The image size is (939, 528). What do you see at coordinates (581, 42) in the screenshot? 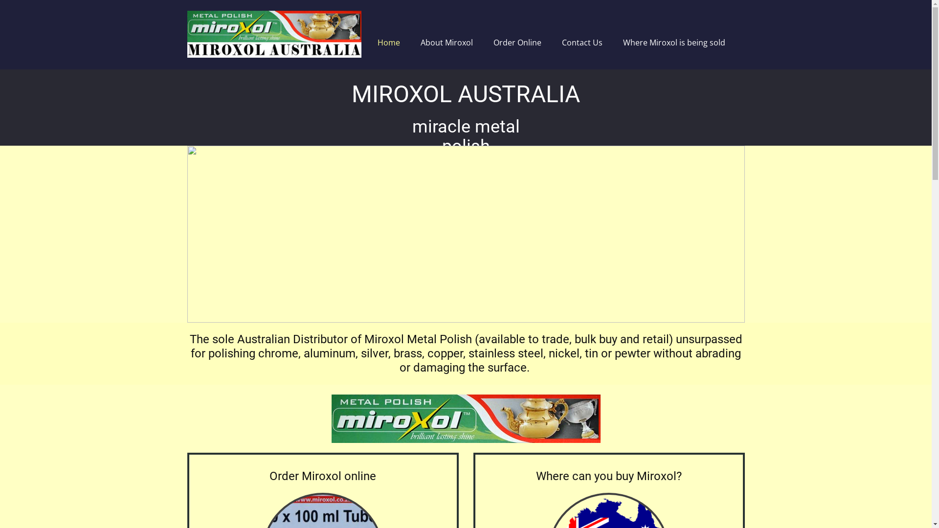
I see `'Contact Us'` at bounding box center [581, 42].